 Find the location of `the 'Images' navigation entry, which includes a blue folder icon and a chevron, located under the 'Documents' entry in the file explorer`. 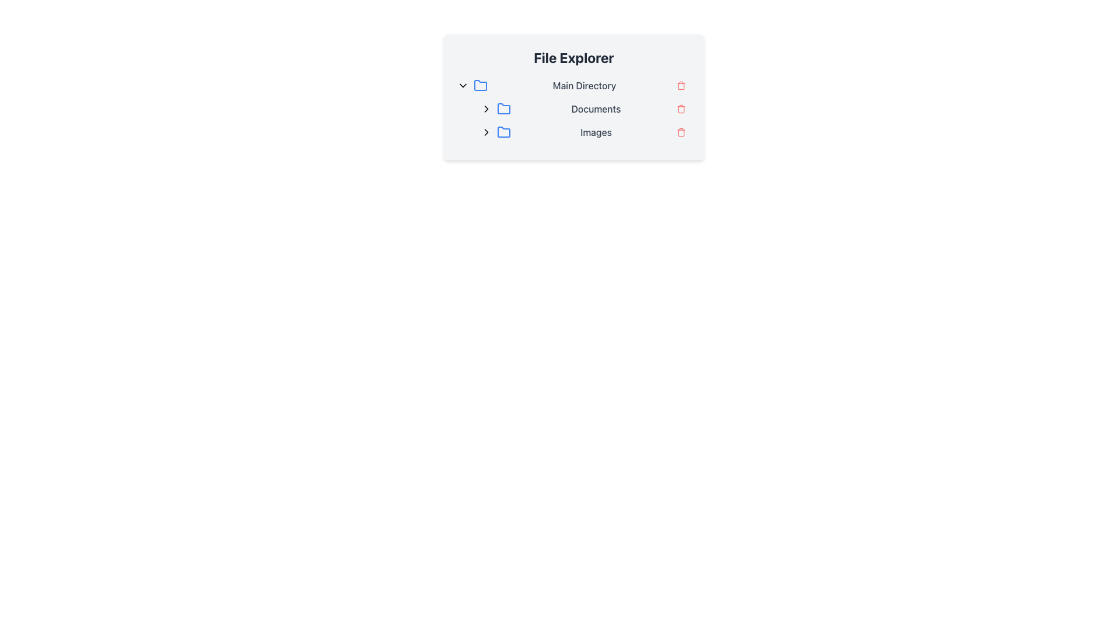

the 'Images' navigation entry, which includes a blue folder icon and a chevron, located under the 'Documents' entry in the file explorer is located at coordinates (579, 132).